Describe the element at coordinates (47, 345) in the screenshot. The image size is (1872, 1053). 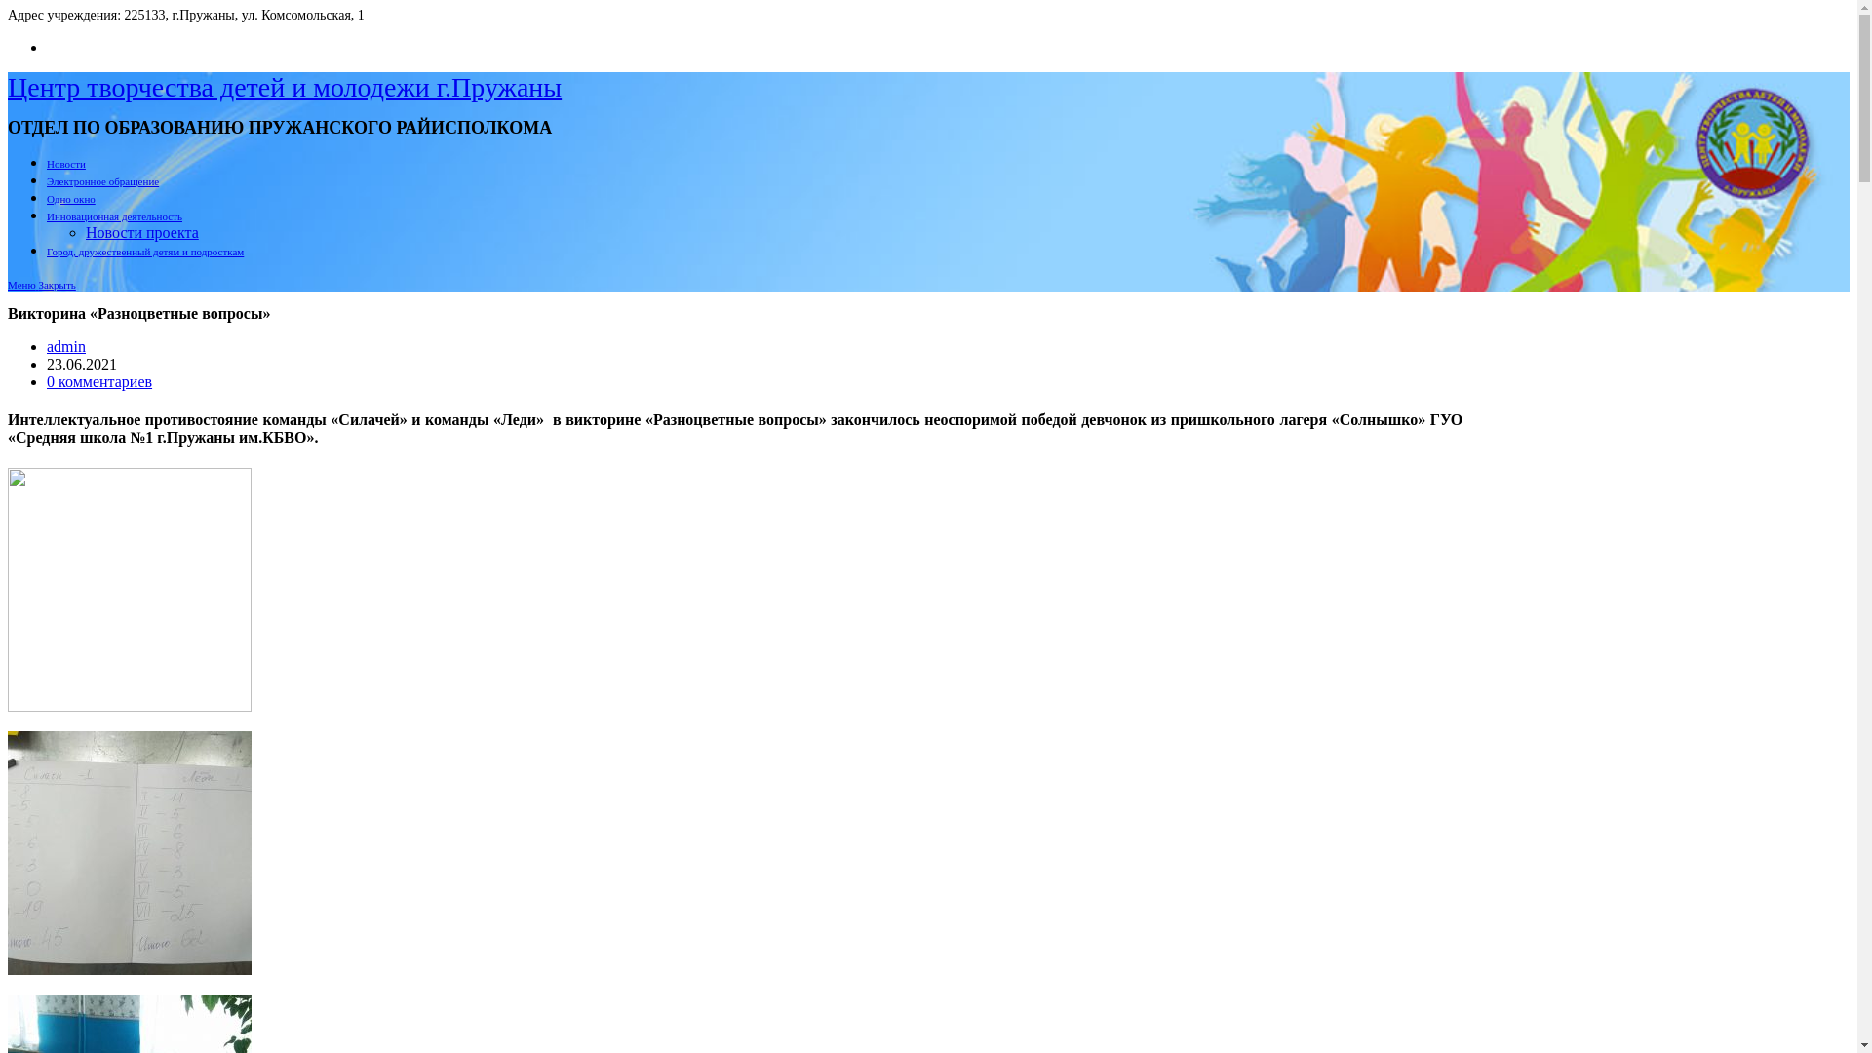
I see `'admin'` at that location.